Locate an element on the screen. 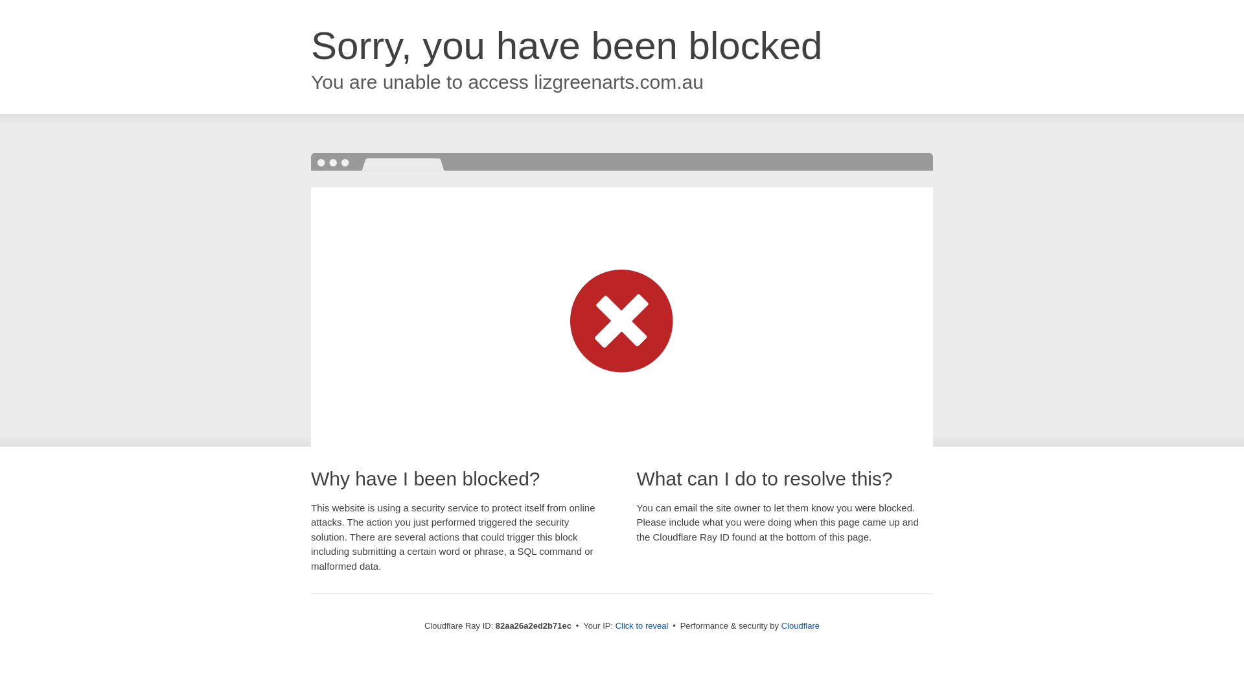 The height and width of the screenshot is (700, 1244). 'Cloudflare' is located at coordinates (800, 625).